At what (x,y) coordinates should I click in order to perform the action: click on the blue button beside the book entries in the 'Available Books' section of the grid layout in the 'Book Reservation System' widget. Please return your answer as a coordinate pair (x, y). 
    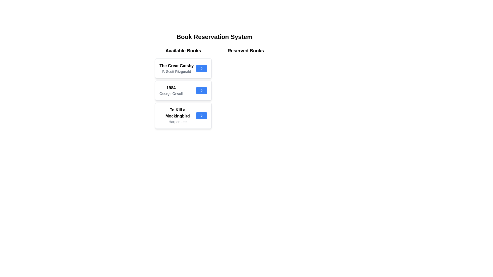
    Looking at the image, I should click on (214, 89).